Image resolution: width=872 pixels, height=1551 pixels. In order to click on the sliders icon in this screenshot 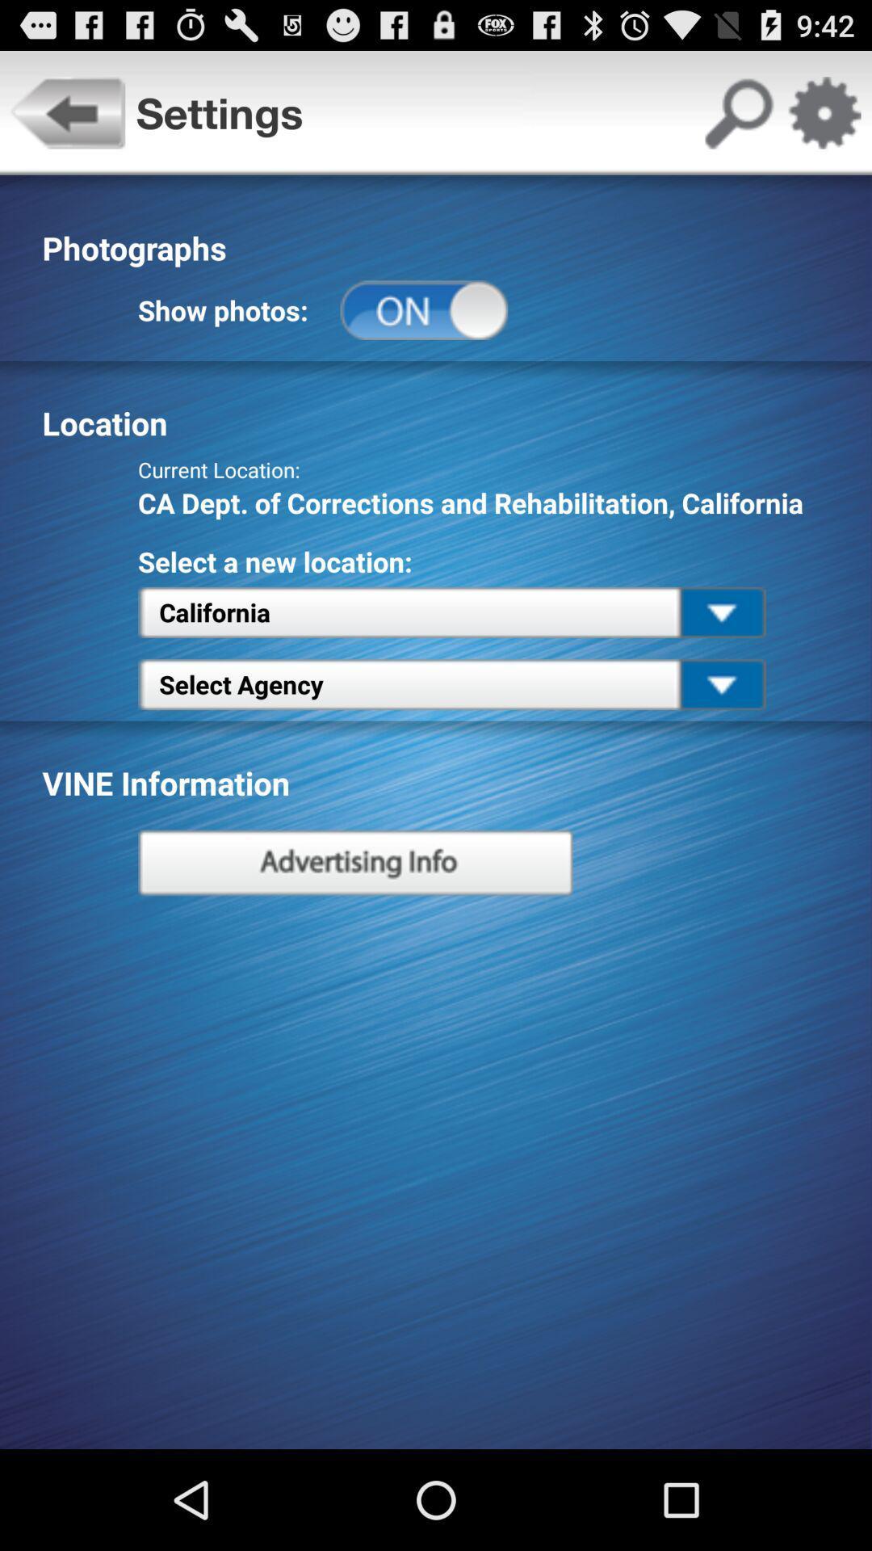, I will do `click(354, 923)`.